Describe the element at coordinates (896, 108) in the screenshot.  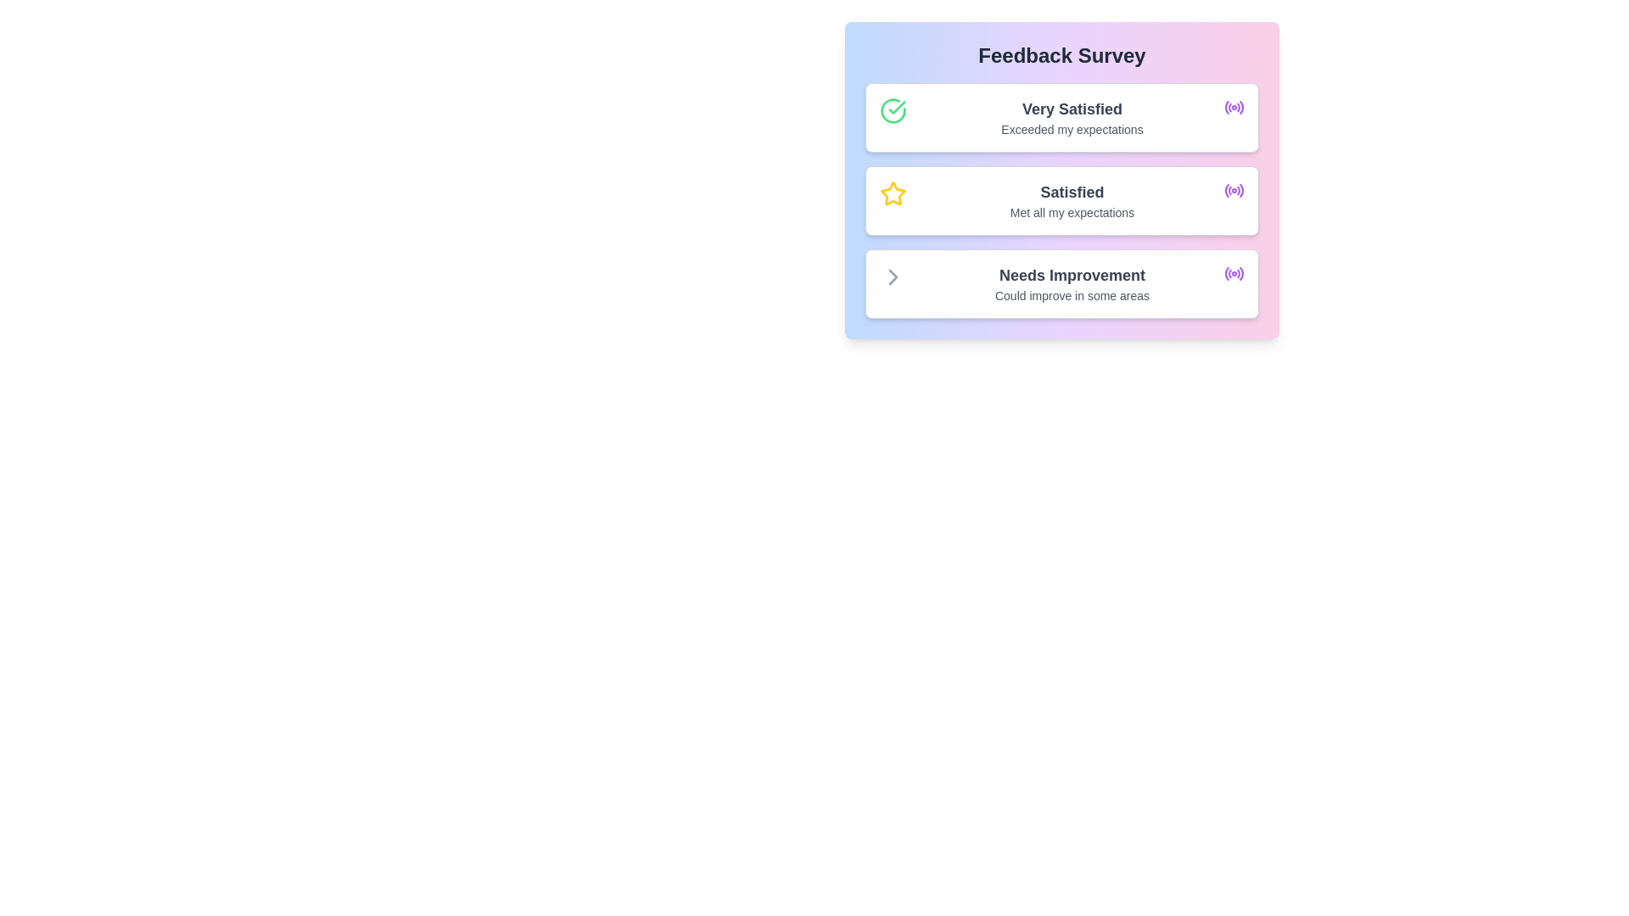
I see `the decorative graphical element that signifies the 'Very Satisfied' feedback option, specifically the green check-mark within the left-side icon` at that location.